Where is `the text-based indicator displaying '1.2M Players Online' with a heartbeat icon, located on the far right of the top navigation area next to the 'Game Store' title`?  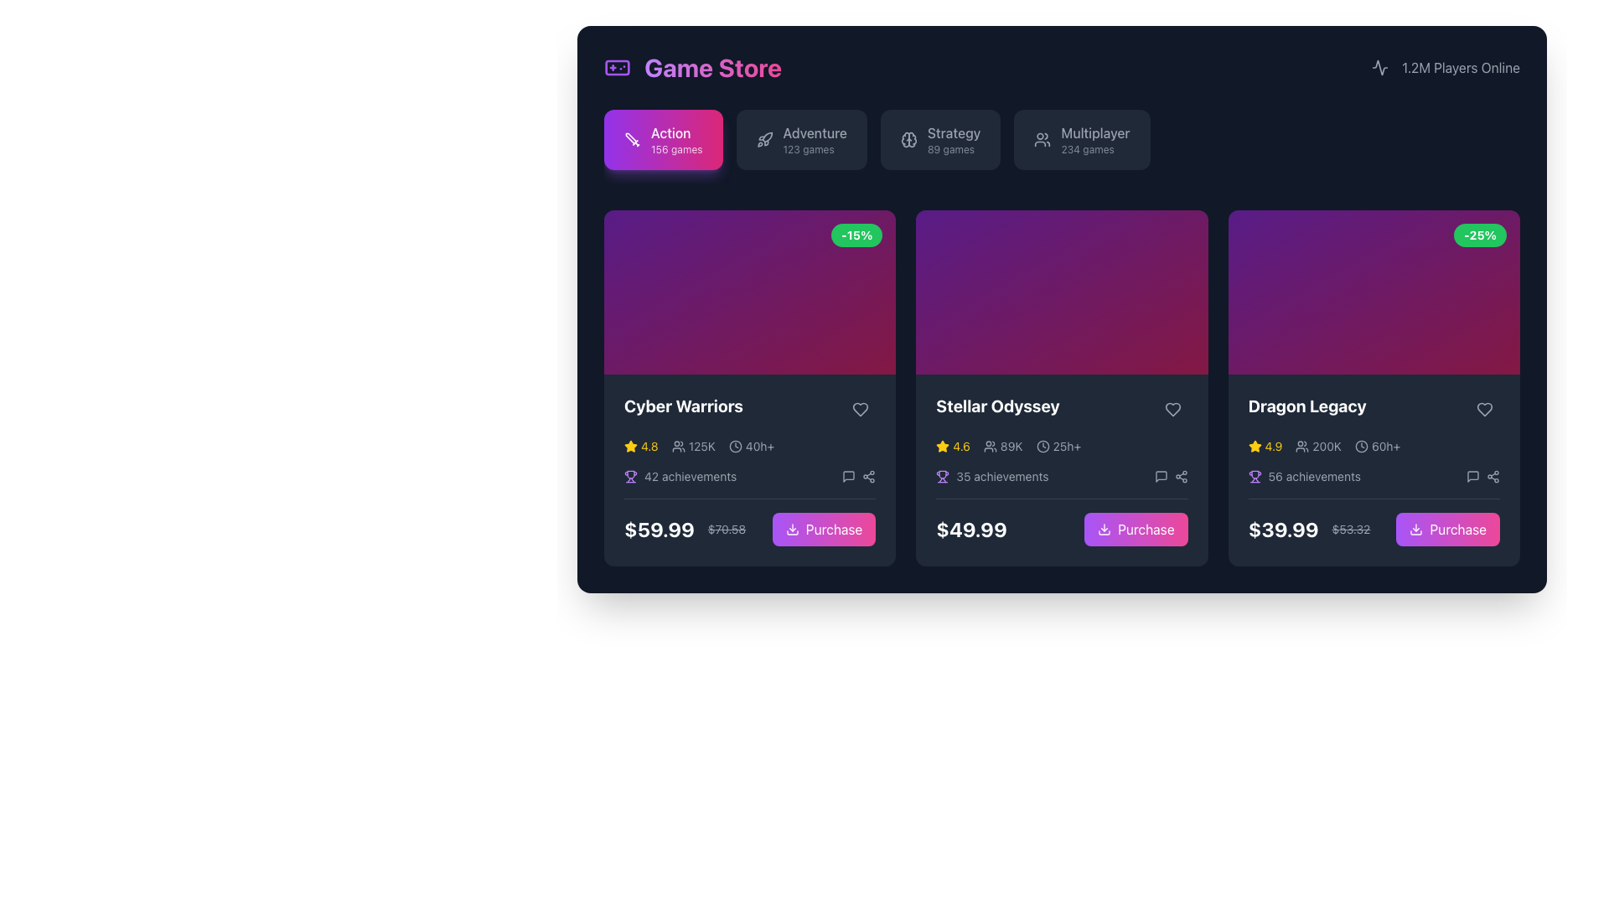
the text-based indicator displaying '1.2M Players Online' with a heartbeat icon, located on the far right of the top navigation area next to the 'Game Store' title is located at coordinates (1445, 67).